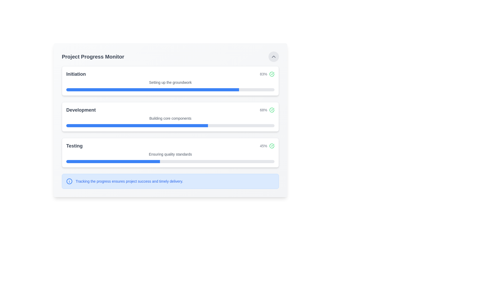  Describe the element at coordinates (170, 154) in the screenshot. I see `static text label that says 'Ensuring quality standards', which is styled in small gray font and located under the 'Testing' heading in the progress card` at that location.